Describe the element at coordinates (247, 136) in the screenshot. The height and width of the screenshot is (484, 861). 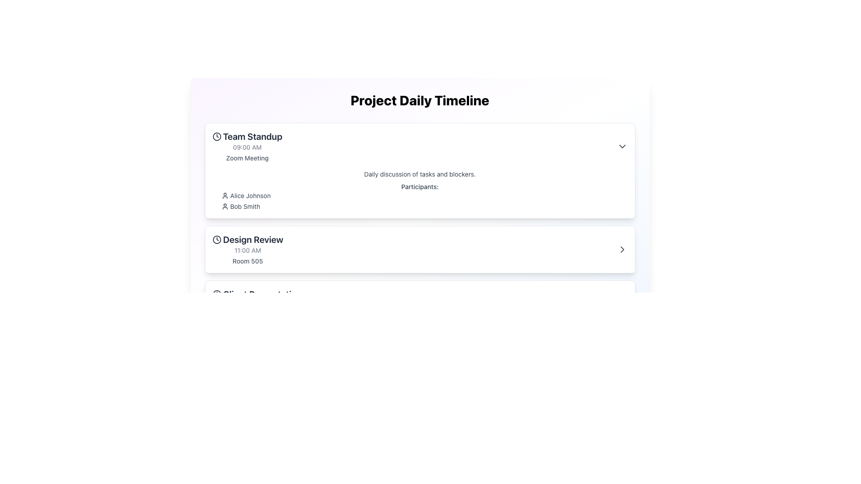
I see `text component reading 'Team Standup' located at the top of the events list, which is styled in bold font and has a clock icon to its left` at that location.